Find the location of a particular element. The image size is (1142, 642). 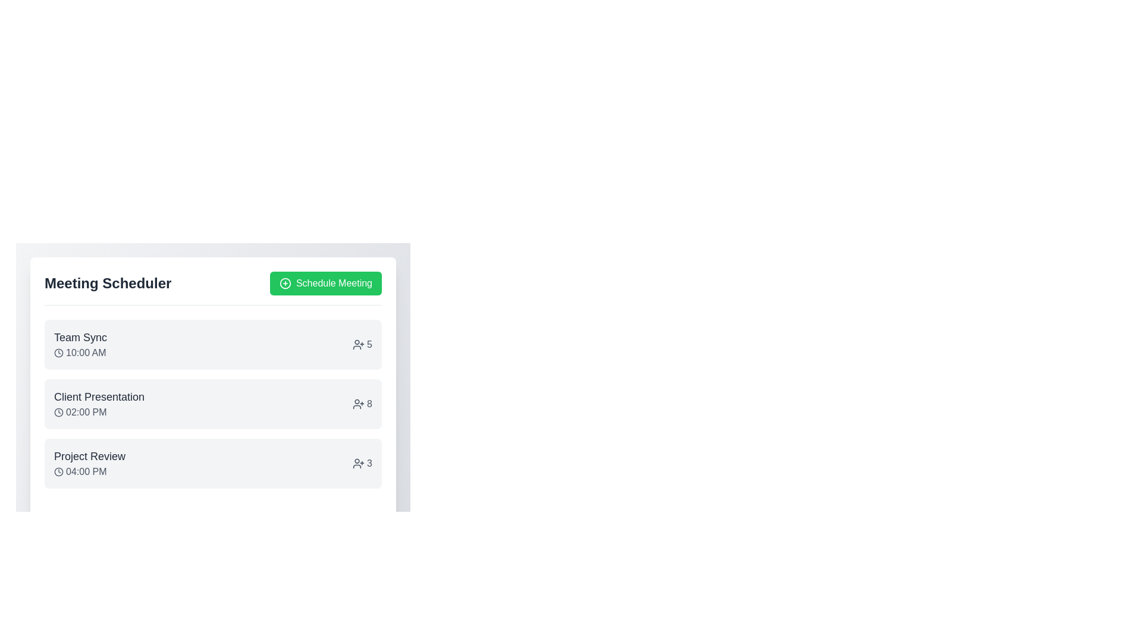

the 'Meeting Scheduler' text label, which is styled with a large, bold, dark gray font and serves as a title at the top of the interface is located at coordinates (108, 284).